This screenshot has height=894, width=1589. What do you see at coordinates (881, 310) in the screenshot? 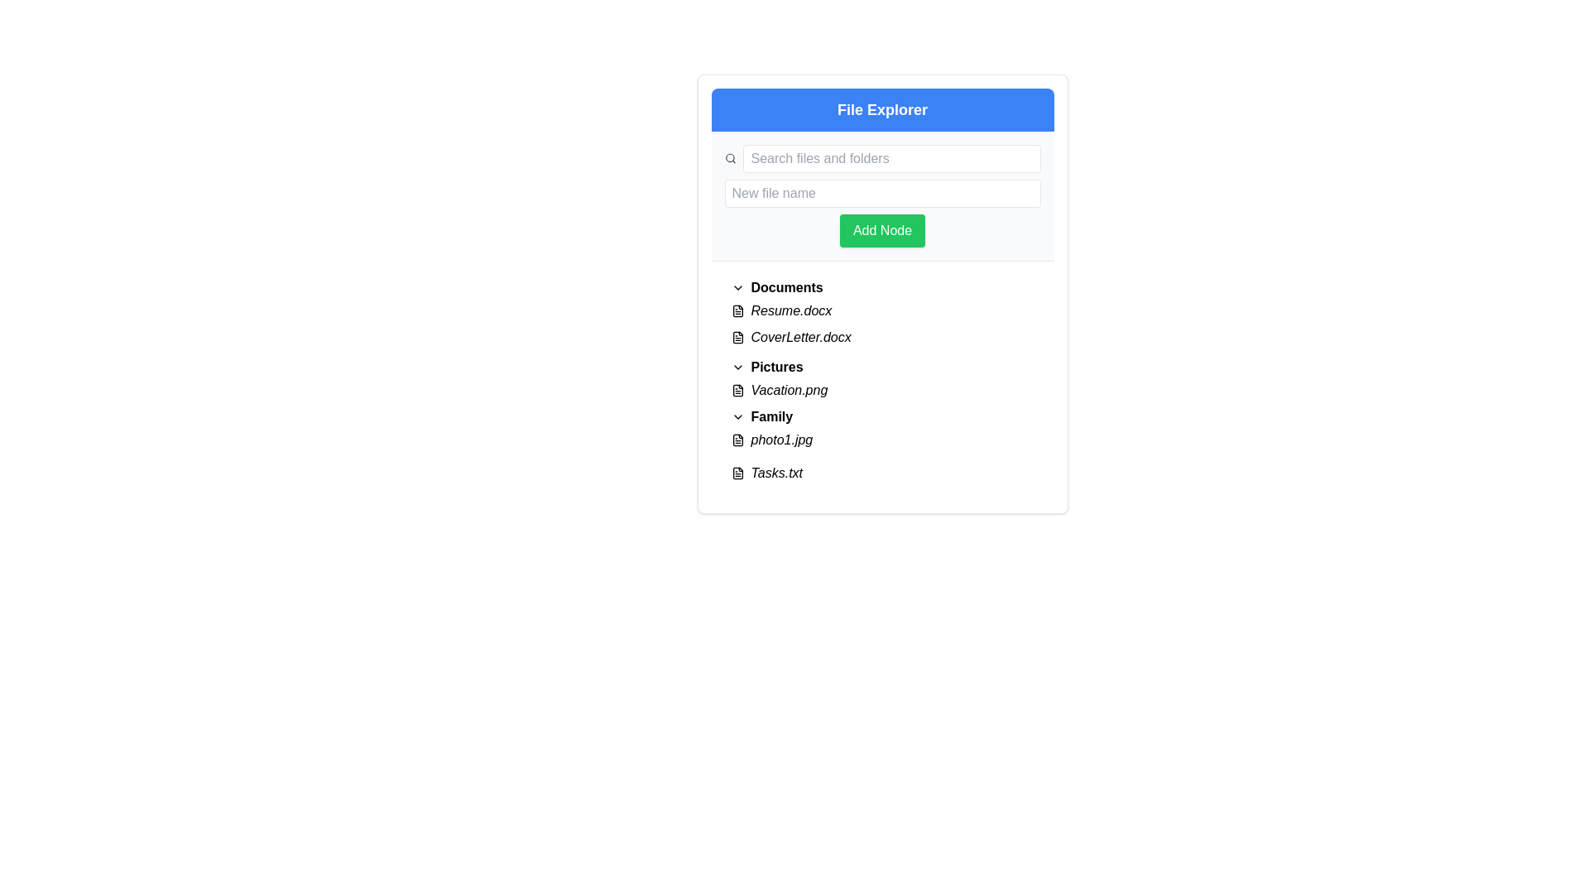
I see `the file named 'Resume.docx'` at bounding box center [881, 310].